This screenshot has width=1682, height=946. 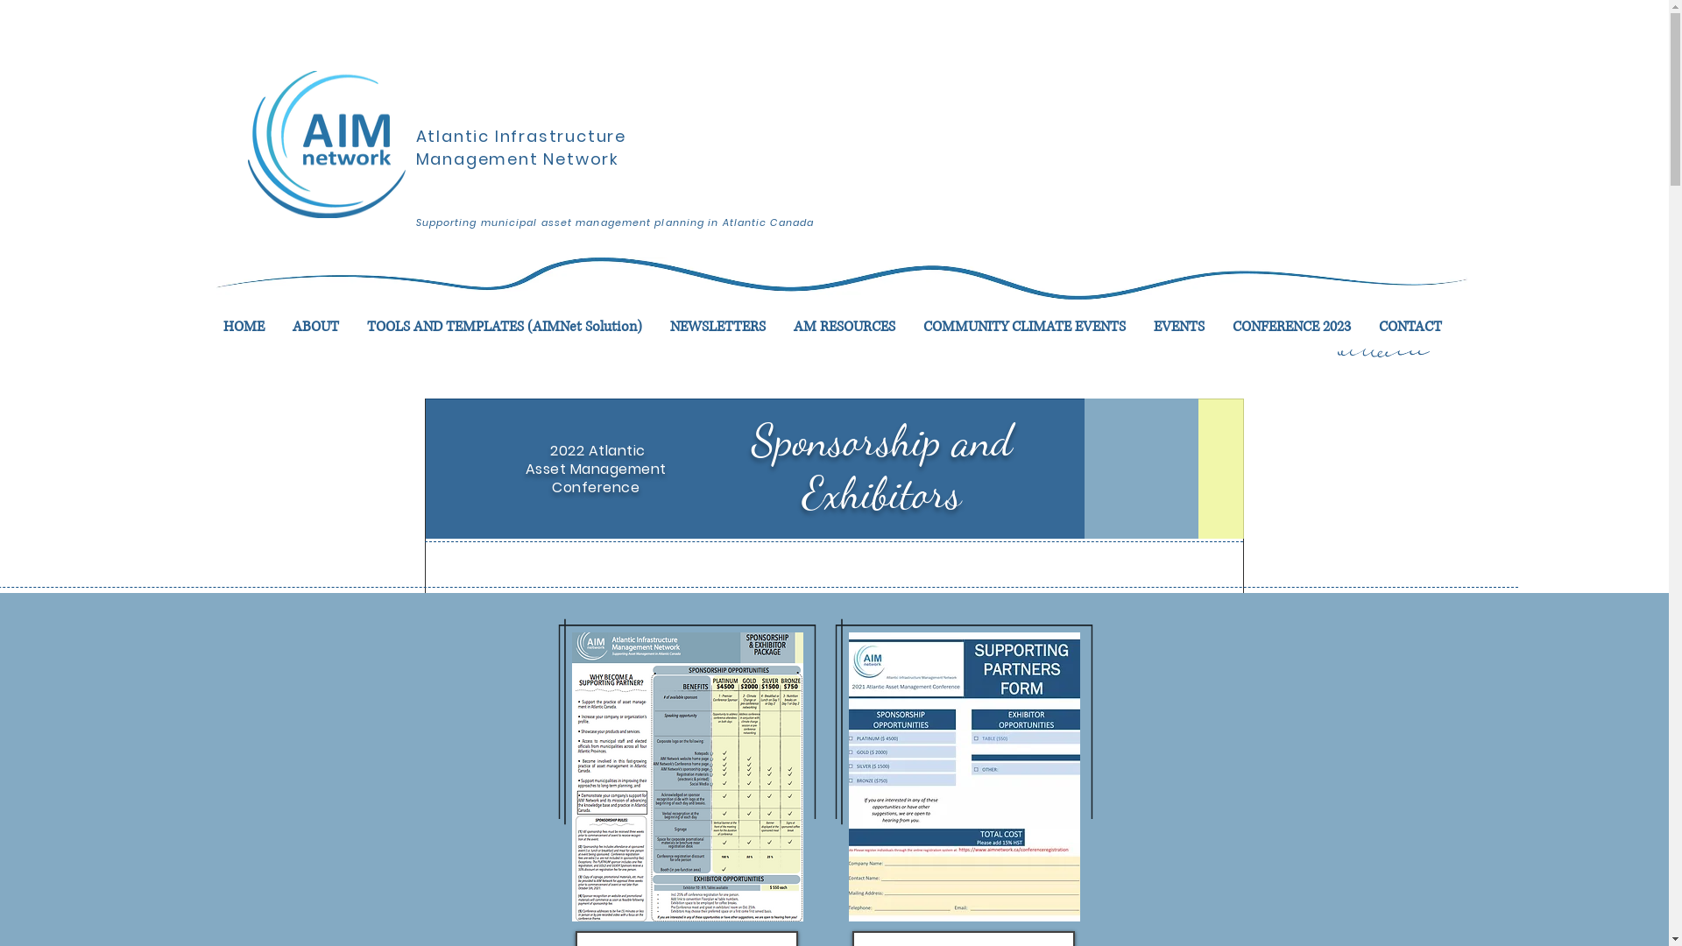 What do you see at coordinates (1217, 327) in the screenshot?
I see `'CONFERENCE 2023'` at bounding box center [1217, 327].